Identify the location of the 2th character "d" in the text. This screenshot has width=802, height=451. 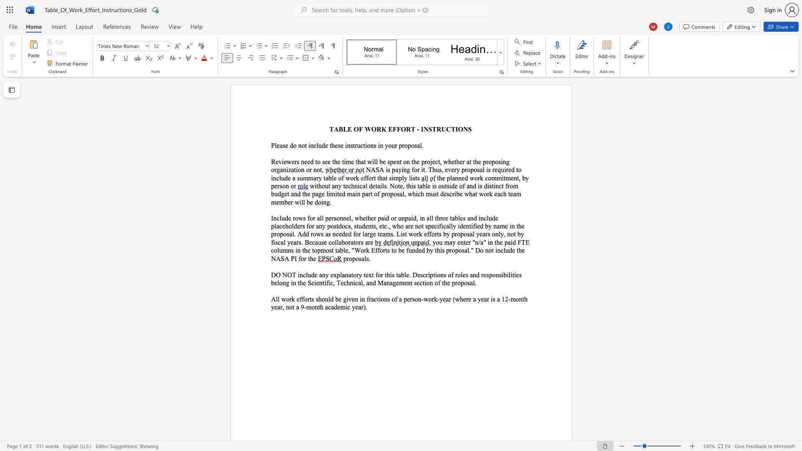
(482, 226).